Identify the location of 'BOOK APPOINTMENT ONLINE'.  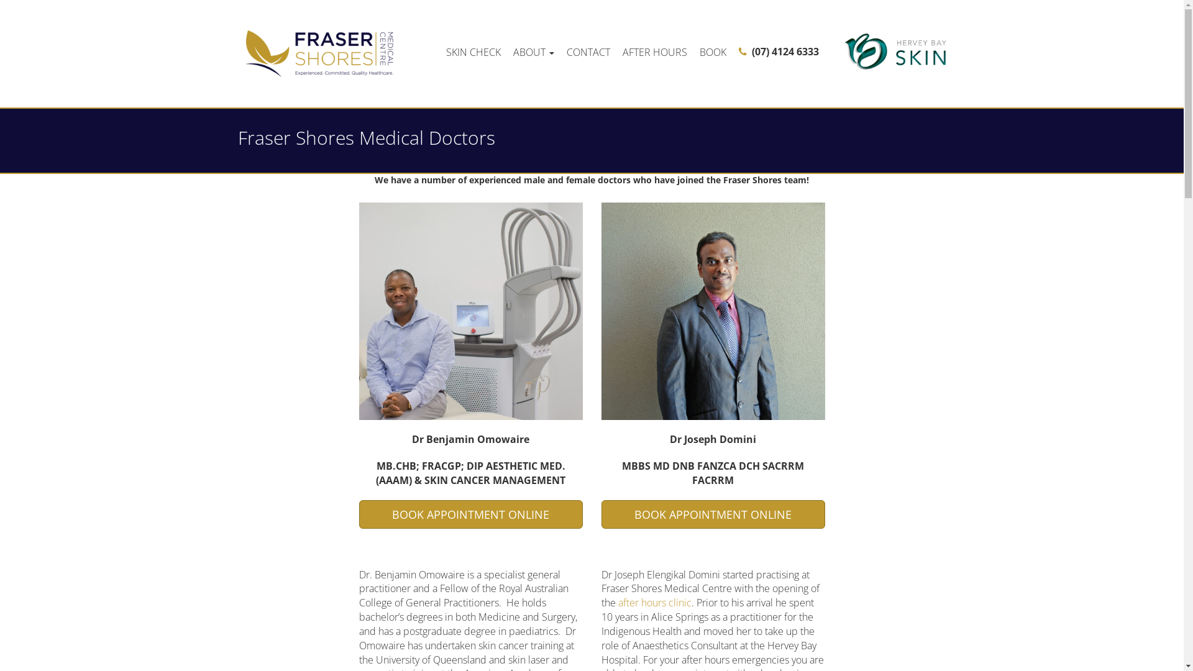
(713, 514).